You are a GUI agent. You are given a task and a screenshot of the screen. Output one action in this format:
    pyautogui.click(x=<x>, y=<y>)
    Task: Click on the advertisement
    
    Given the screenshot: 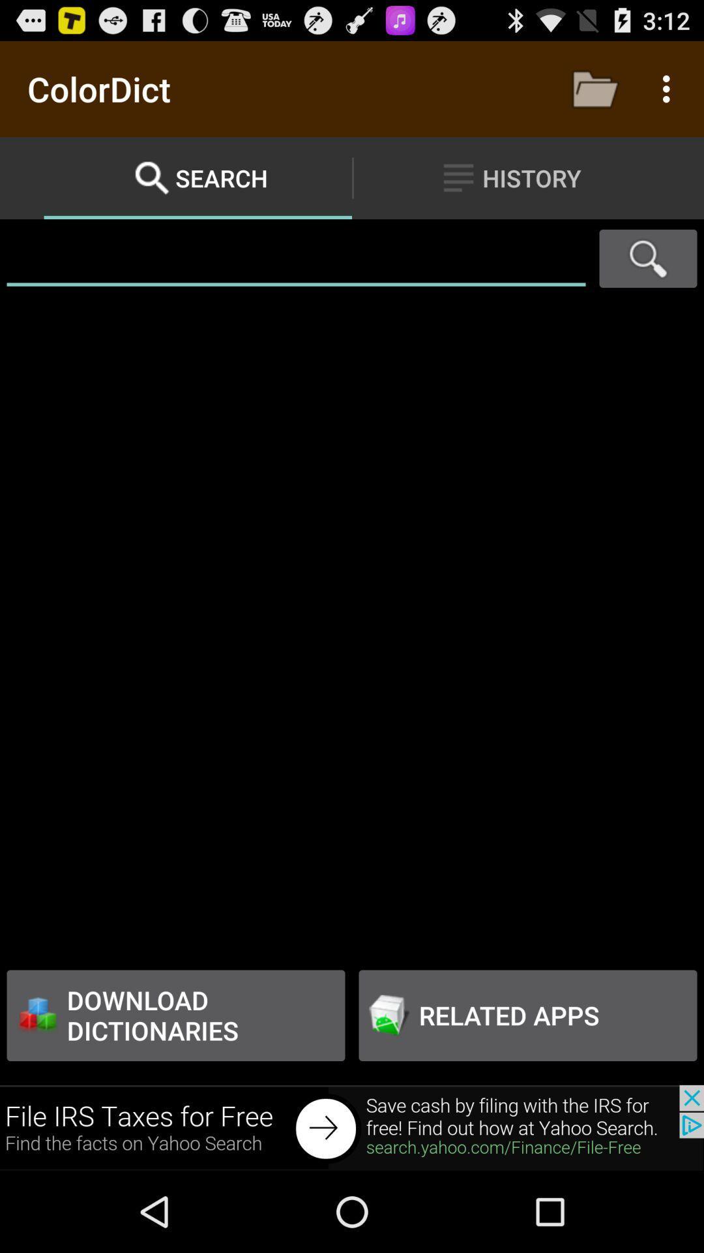 What is the action you would take?
    pyautogui.click(x=352, y=1127)
    